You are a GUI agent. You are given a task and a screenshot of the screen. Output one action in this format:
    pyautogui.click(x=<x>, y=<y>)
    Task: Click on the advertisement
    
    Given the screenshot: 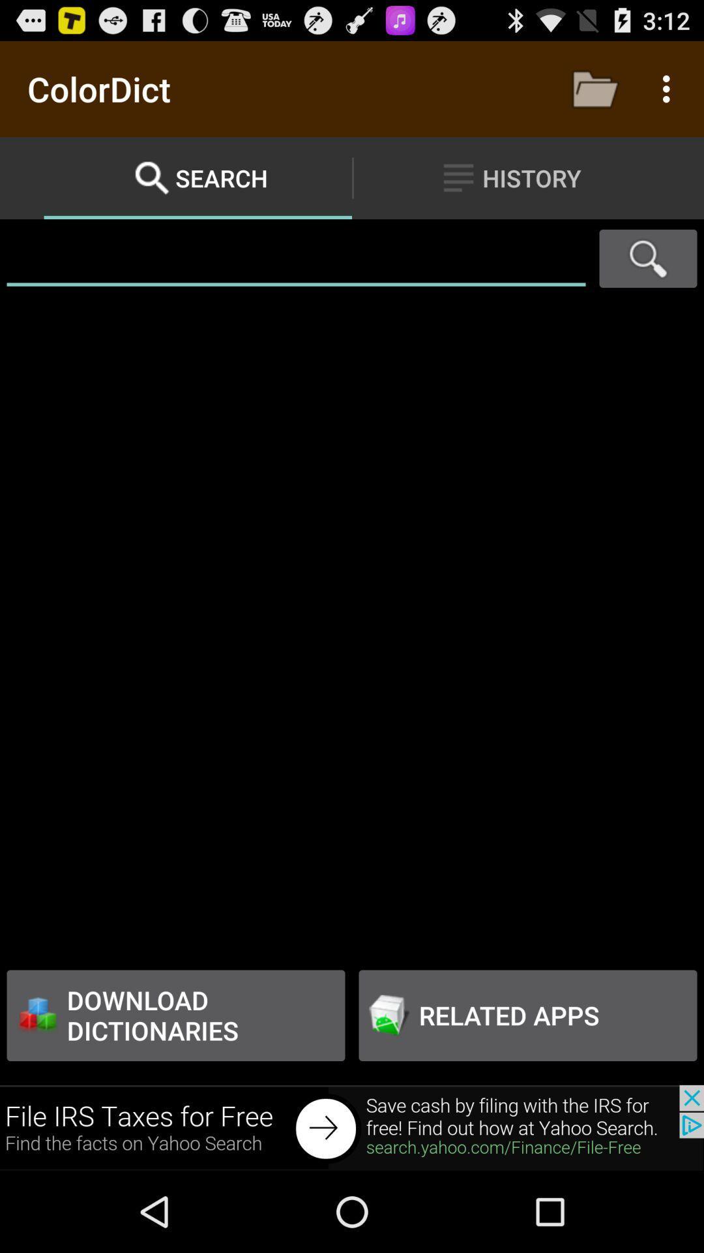 What is the action you would take?
    pyautogui.click(x=352, y=1127)
    